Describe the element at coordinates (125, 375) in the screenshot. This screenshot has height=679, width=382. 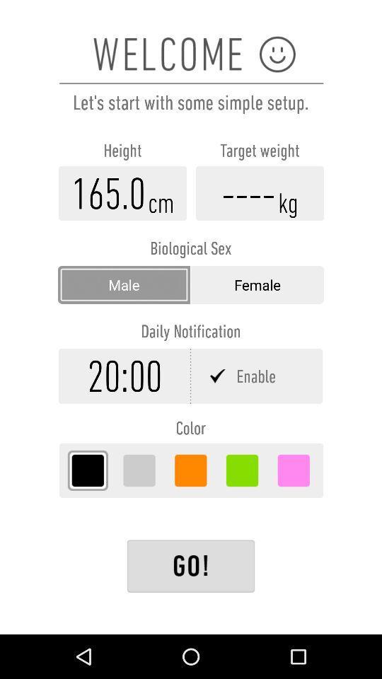
I see `daily notification timer option` at that location.